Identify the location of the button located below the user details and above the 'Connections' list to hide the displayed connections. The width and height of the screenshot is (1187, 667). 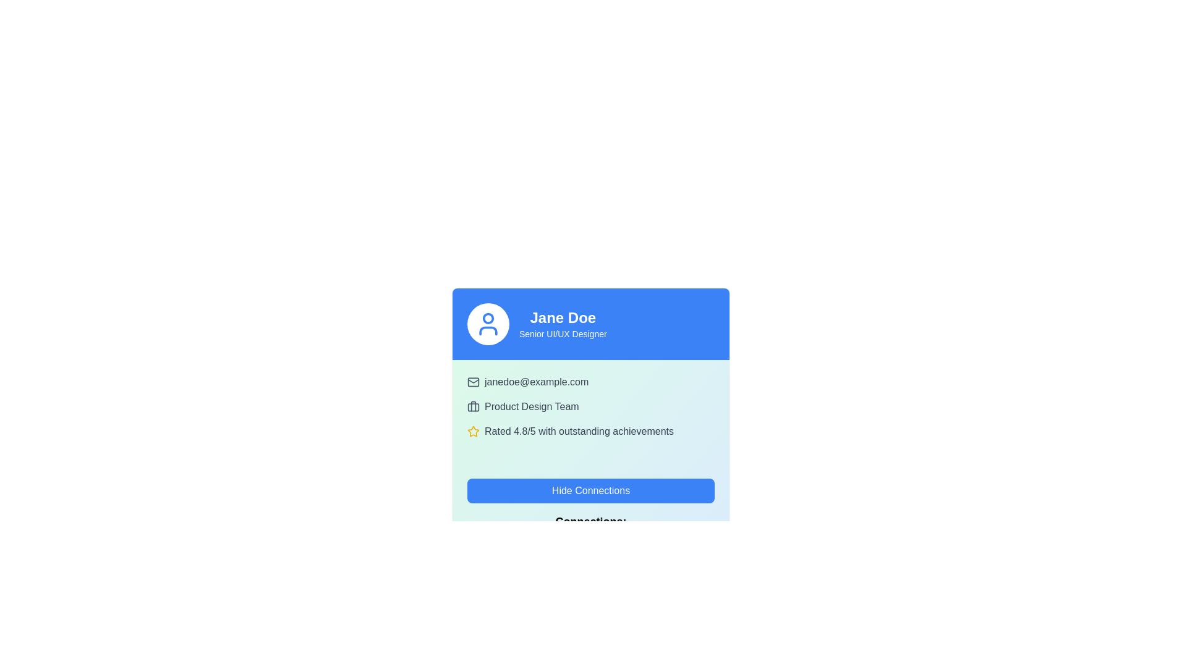
(590, 490).